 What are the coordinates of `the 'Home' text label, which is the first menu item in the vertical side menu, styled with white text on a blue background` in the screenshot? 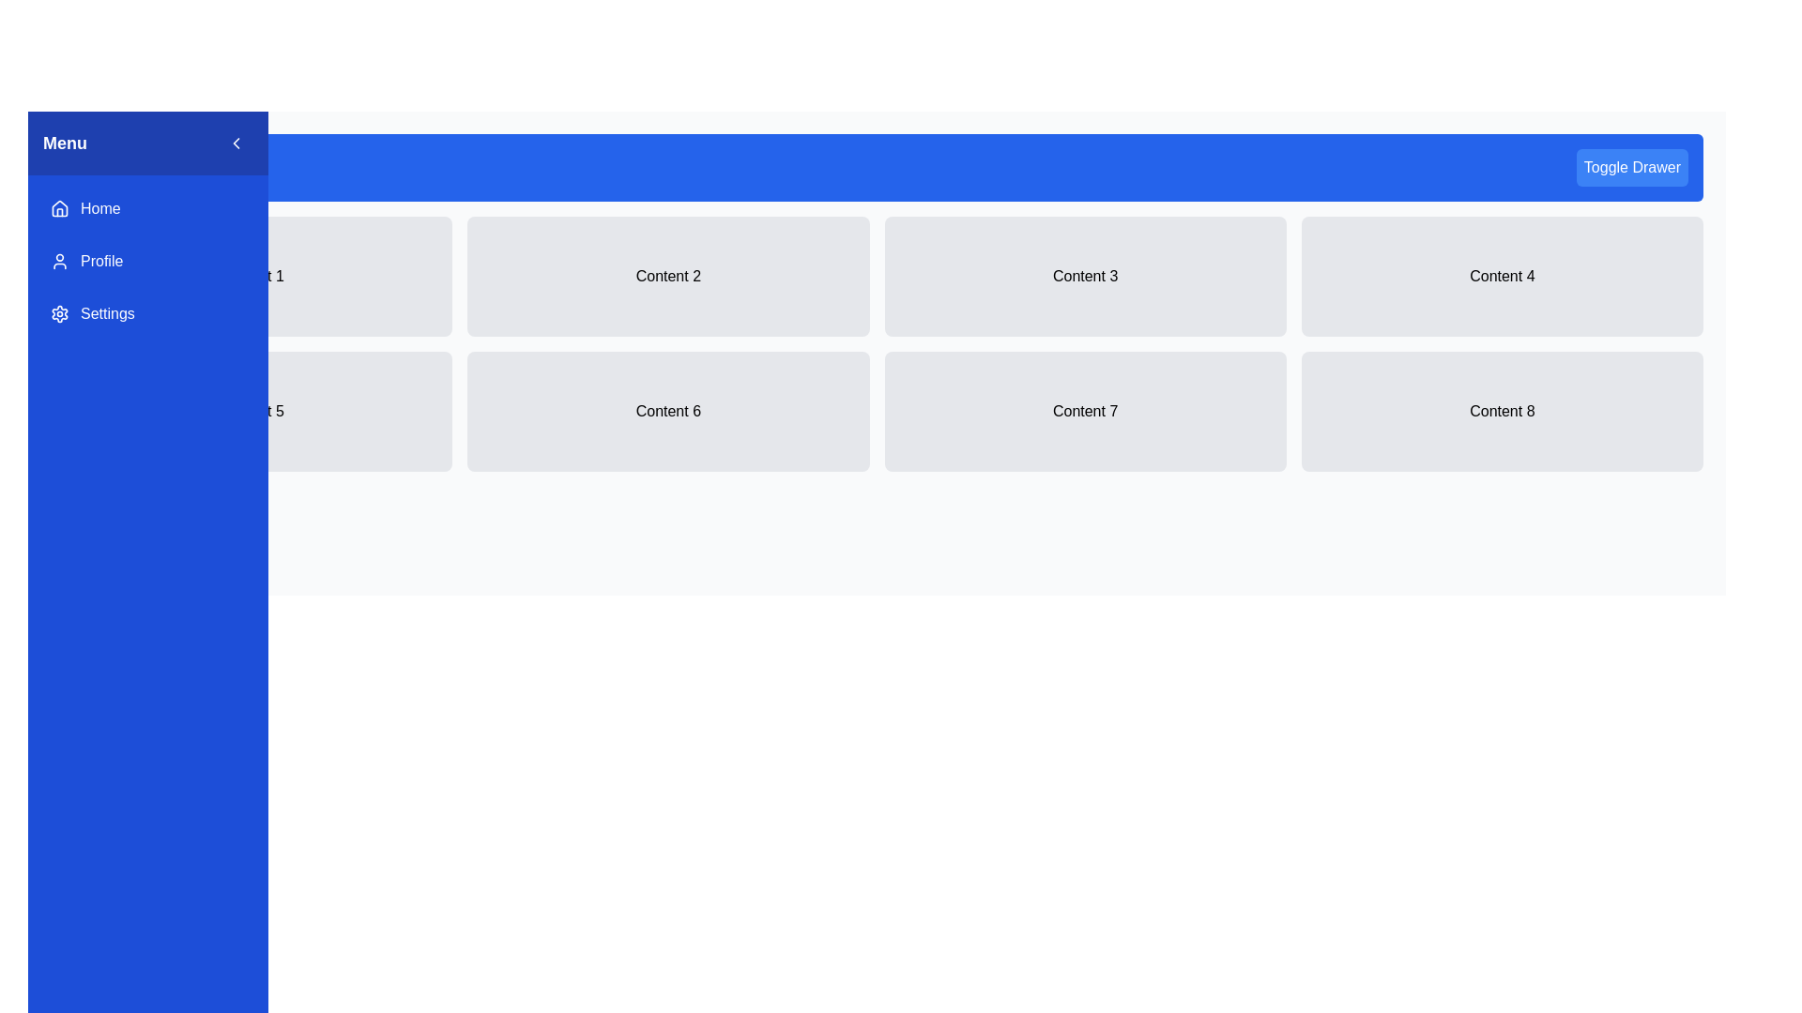 It's located at (99, 209).